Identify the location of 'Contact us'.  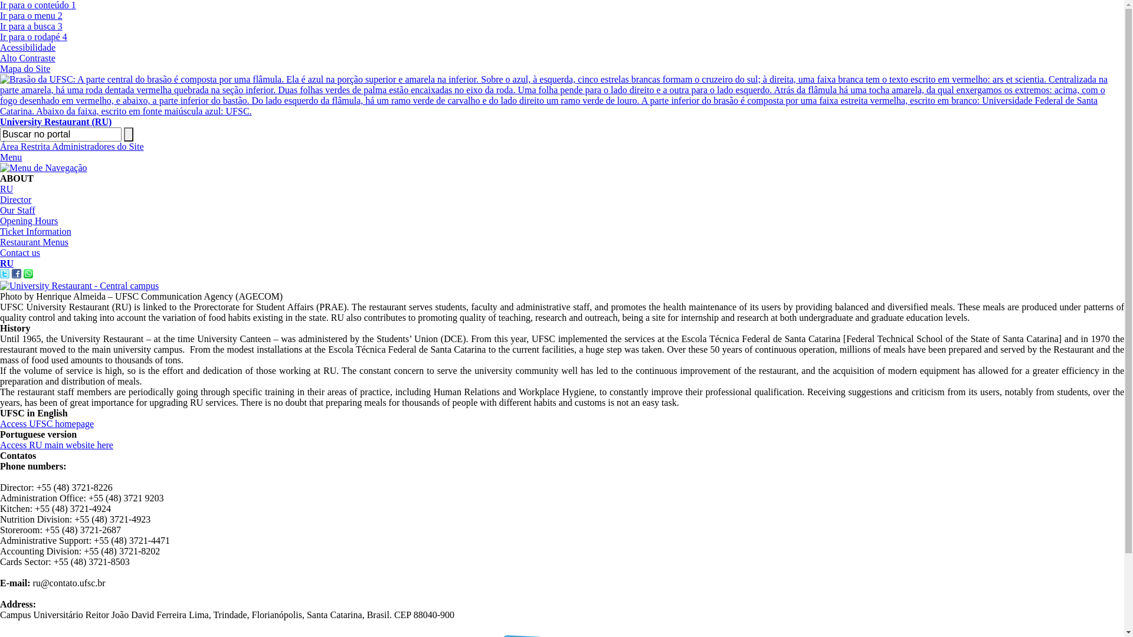
(19, 252).